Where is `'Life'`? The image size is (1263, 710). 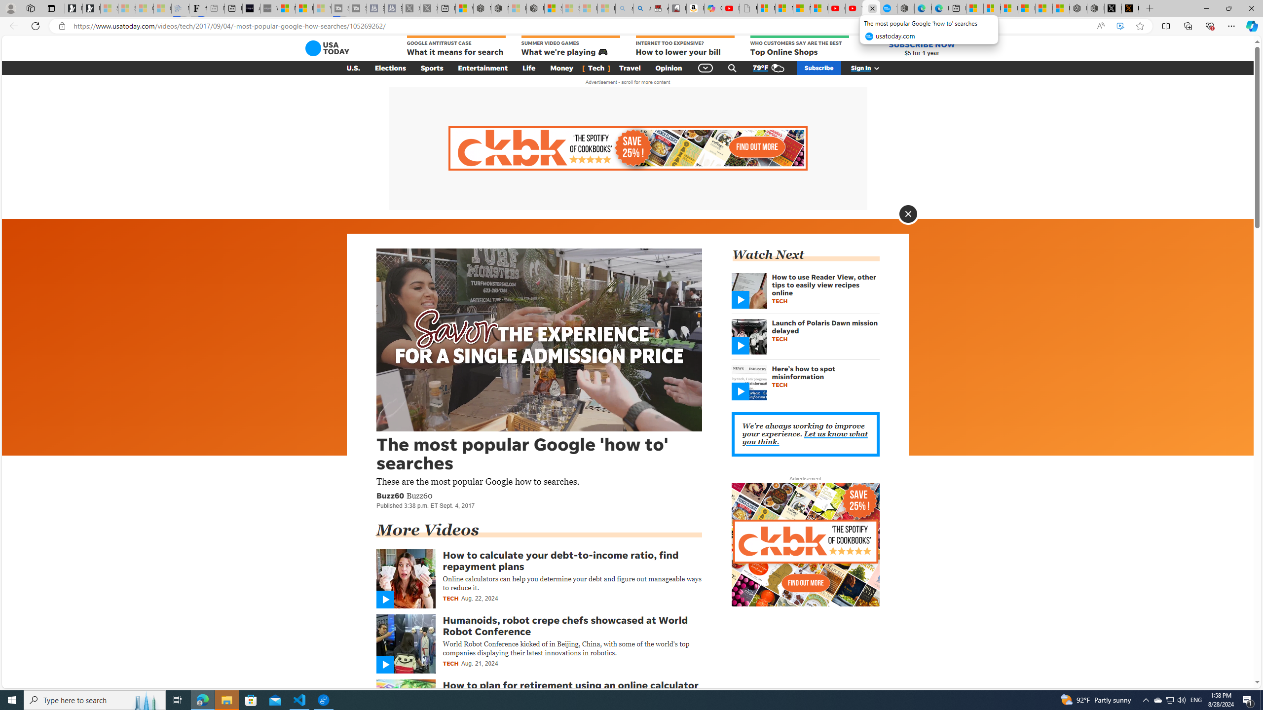 'Life' is located at coordinates (529, 68).